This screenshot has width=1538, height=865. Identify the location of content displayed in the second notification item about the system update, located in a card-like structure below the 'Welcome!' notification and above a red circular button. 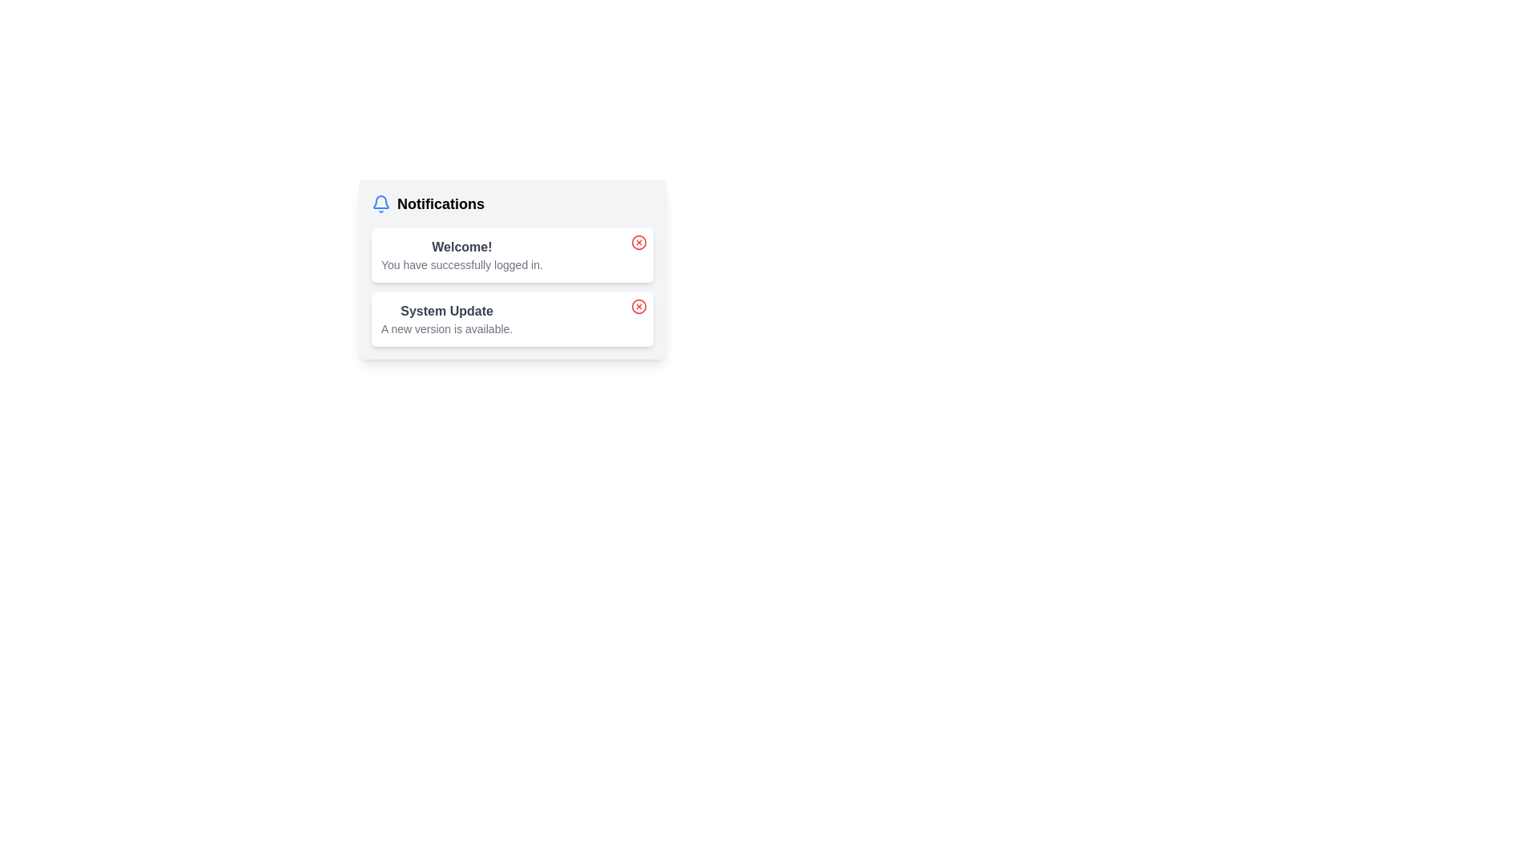
(447, 319).